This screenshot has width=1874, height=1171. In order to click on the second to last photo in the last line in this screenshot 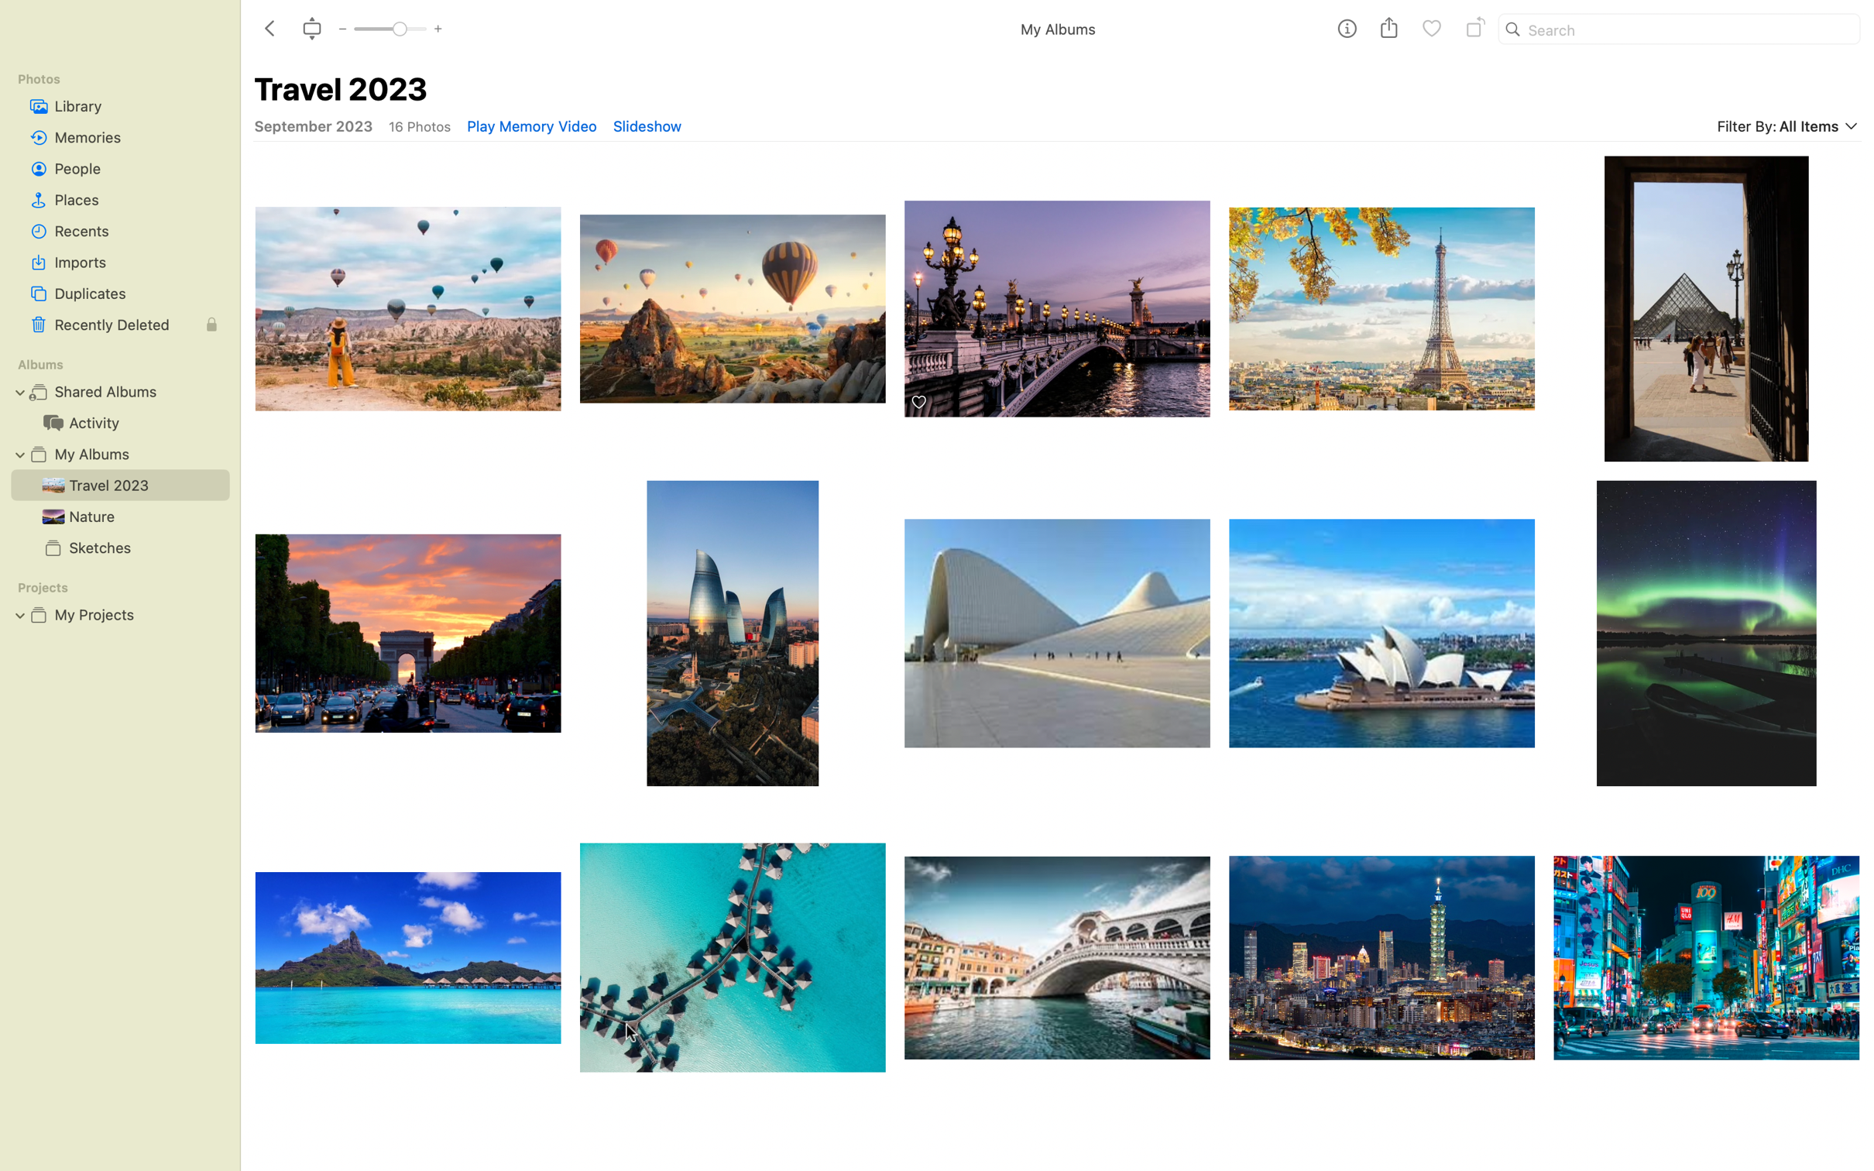, I will do `click(1382, 975)`.